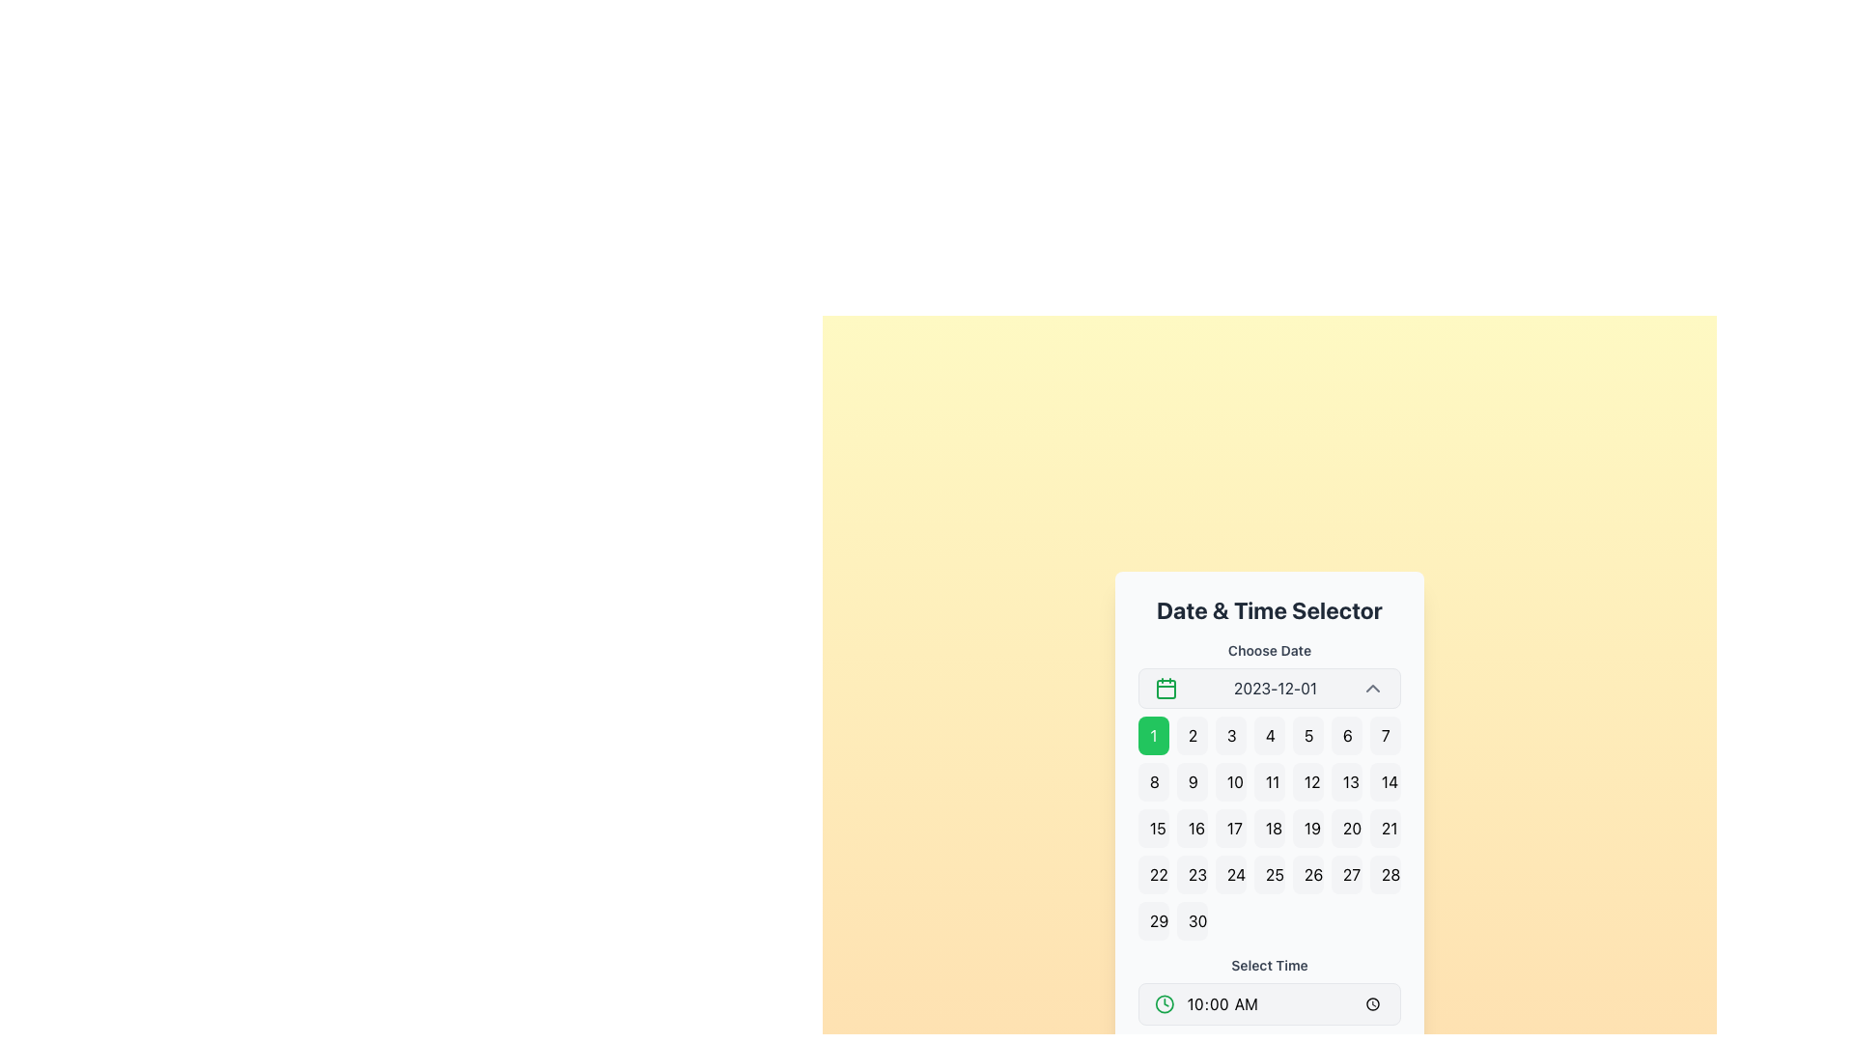 Image resolution: width=1854 pixels, height=1043 pixels. What do you see at coordinates (1191, 919) in the screenshot?
I see `the rounded rectangular button displaying the number '30' in the date selection interface` at bounding box center [1191, 919].